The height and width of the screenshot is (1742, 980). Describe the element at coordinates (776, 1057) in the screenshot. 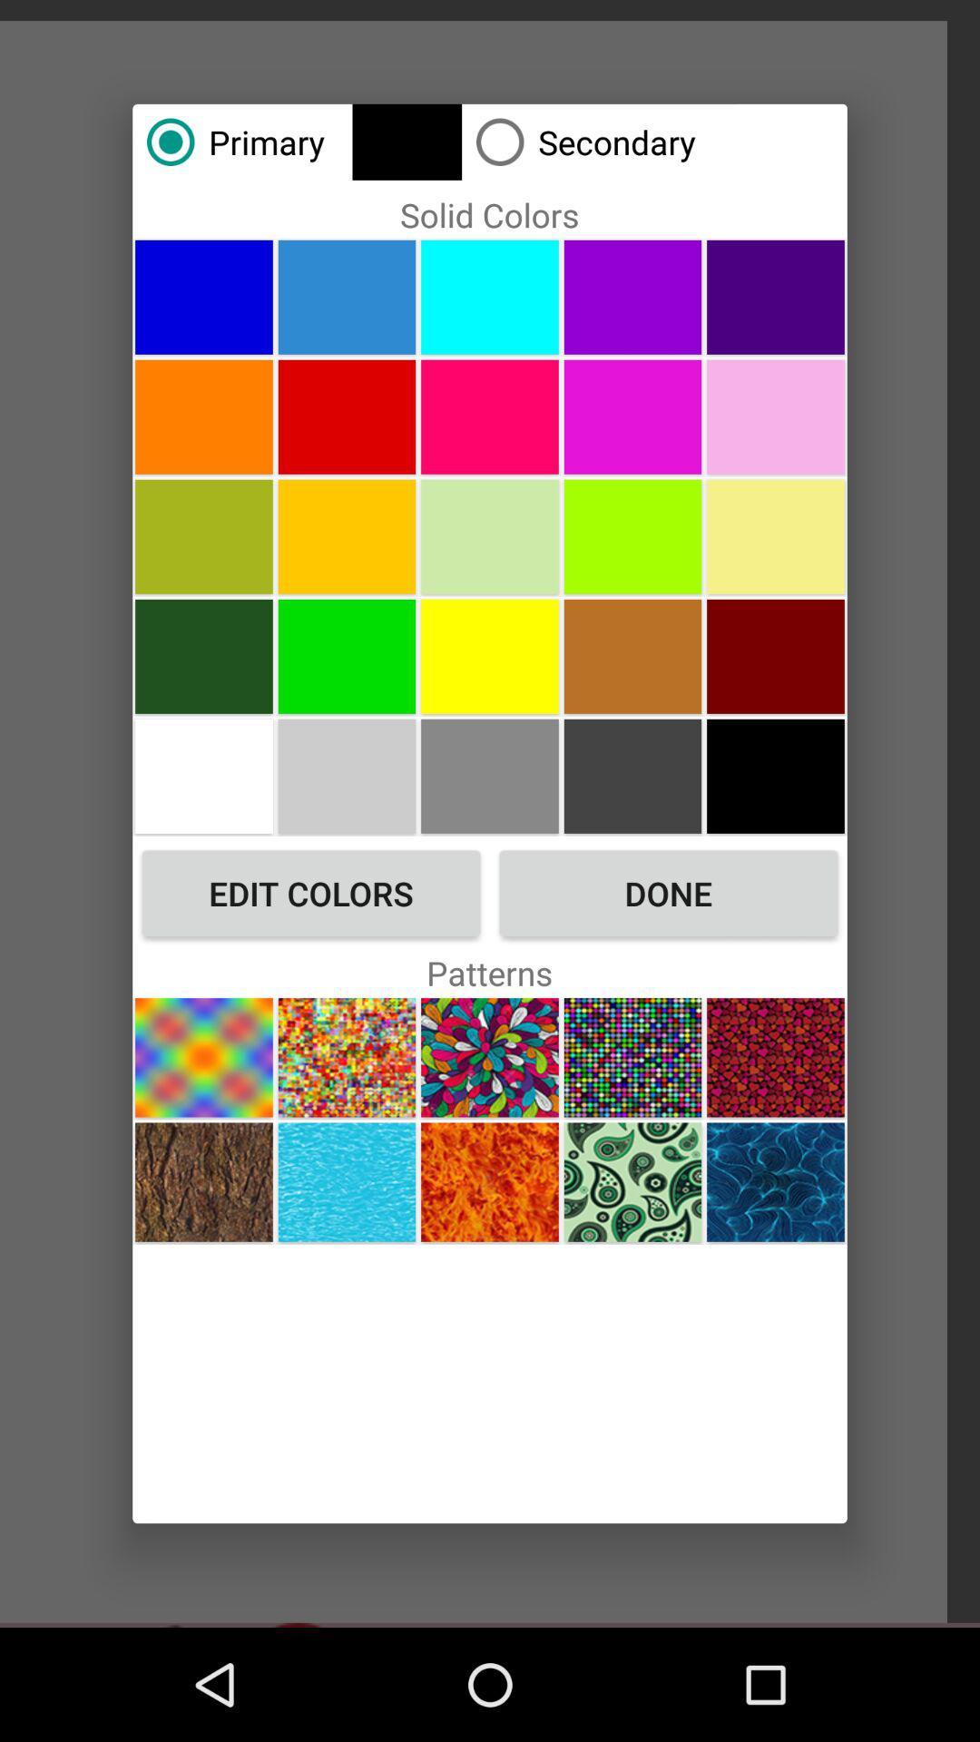

I see `the item below the done item` at that location.